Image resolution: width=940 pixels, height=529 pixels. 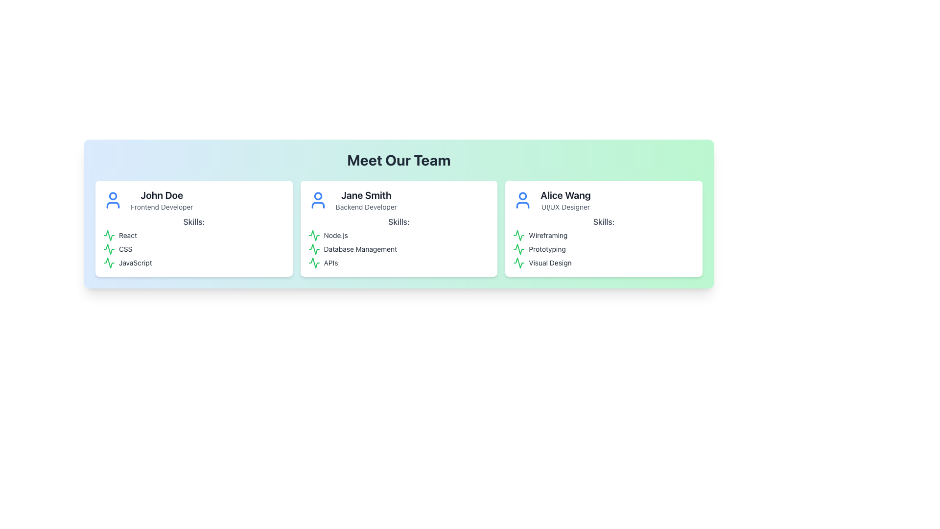 I want to click on the green and white waveform icon representing 'Database Management' in Jane Smith's skills section, so click(x=314, y=249).